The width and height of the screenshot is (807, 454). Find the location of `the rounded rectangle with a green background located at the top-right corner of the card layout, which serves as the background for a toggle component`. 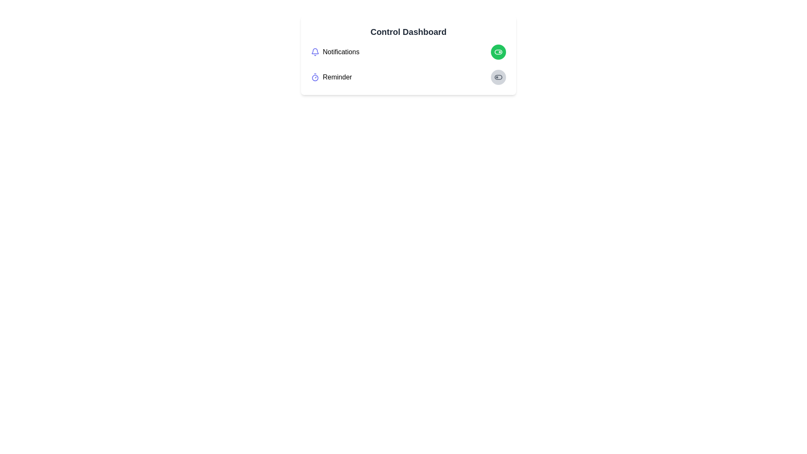

the rounded rectangle with a green background located at the top-right corner of the card layout, which serves as the background for a toggle component is located at coordinates (498, 52).